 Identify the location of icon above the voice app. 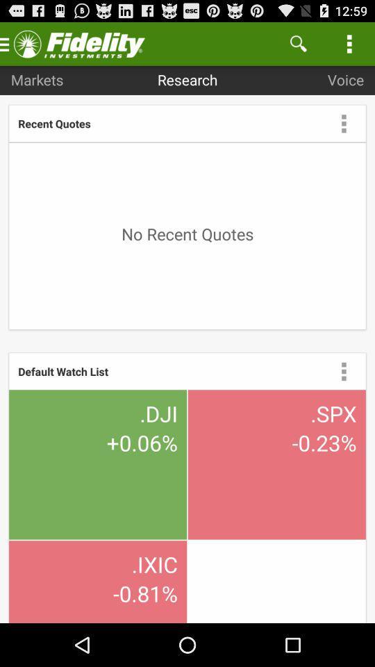
(297, 43).